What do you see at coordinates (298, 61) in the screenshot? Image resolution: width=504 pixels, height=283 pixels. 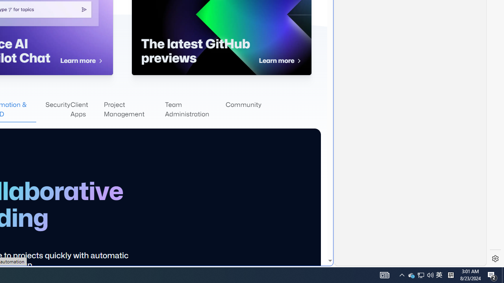 I see `'Class: octicon arrow-symbol-mktg octicon'` at bounding box center [298, 61].